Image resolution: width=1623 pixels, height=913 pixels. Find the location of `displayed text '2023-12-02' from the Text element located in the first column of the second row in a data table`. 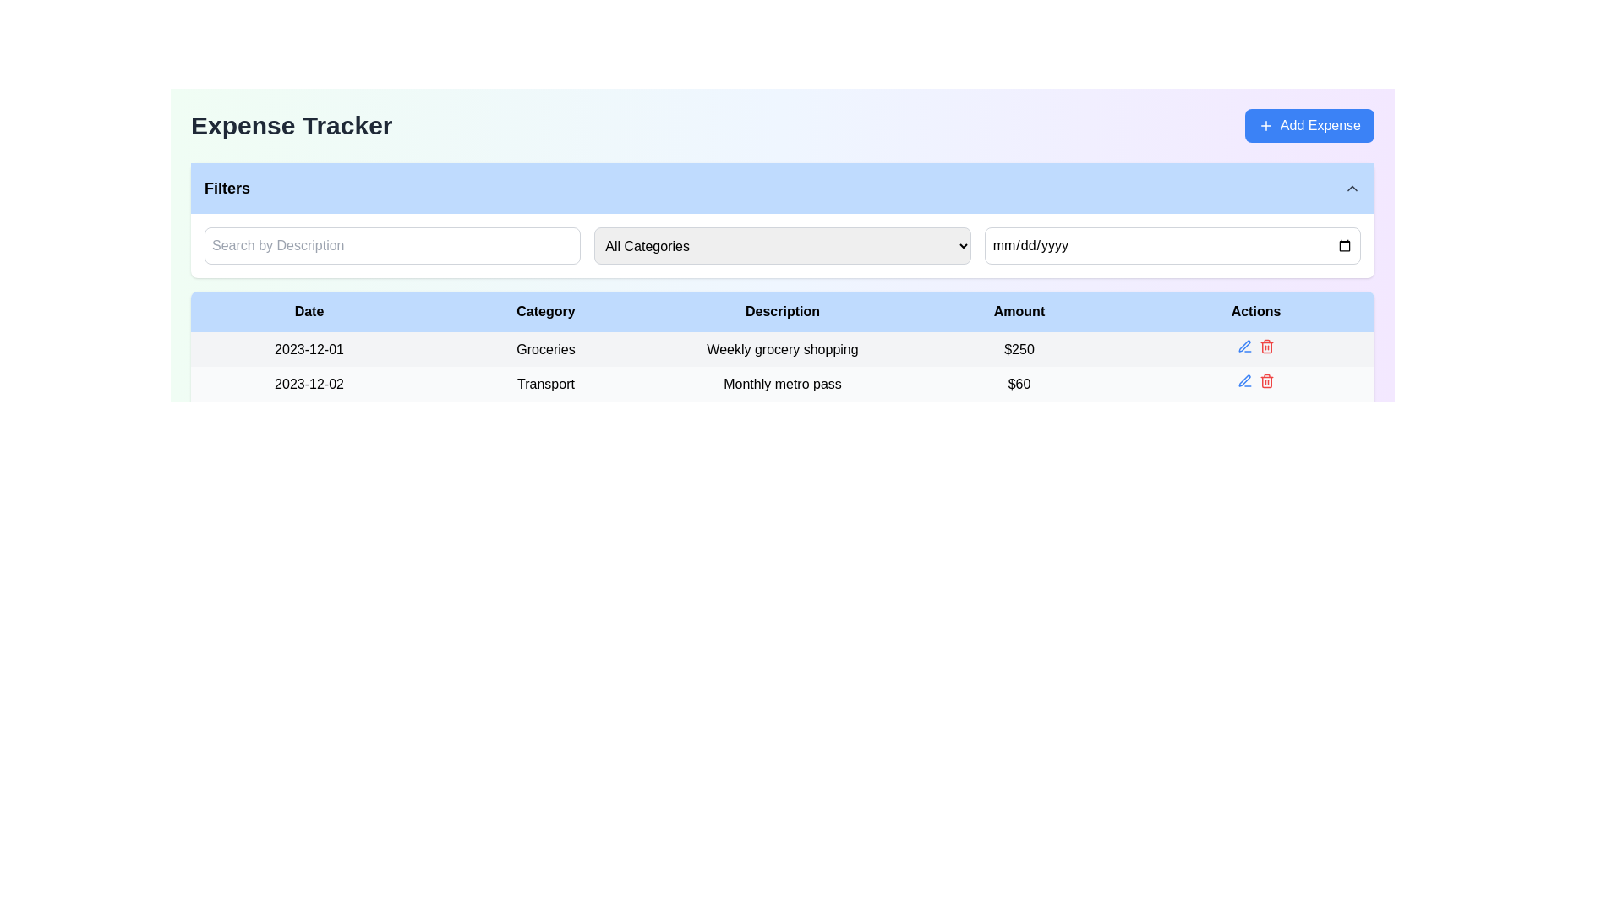

displayed text '2023-12-02' from the Text element located in the first column of the second row in a data table is located at coordinates (309, 384).